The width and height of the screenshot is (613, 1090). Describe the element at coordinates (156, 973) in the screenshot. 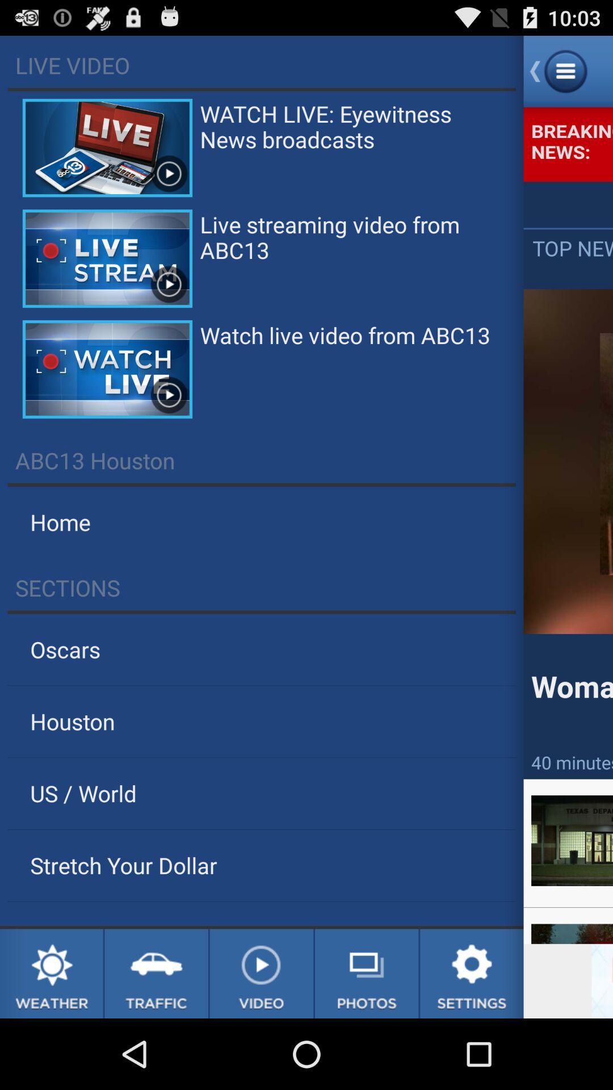

I see `traffic` at that location.